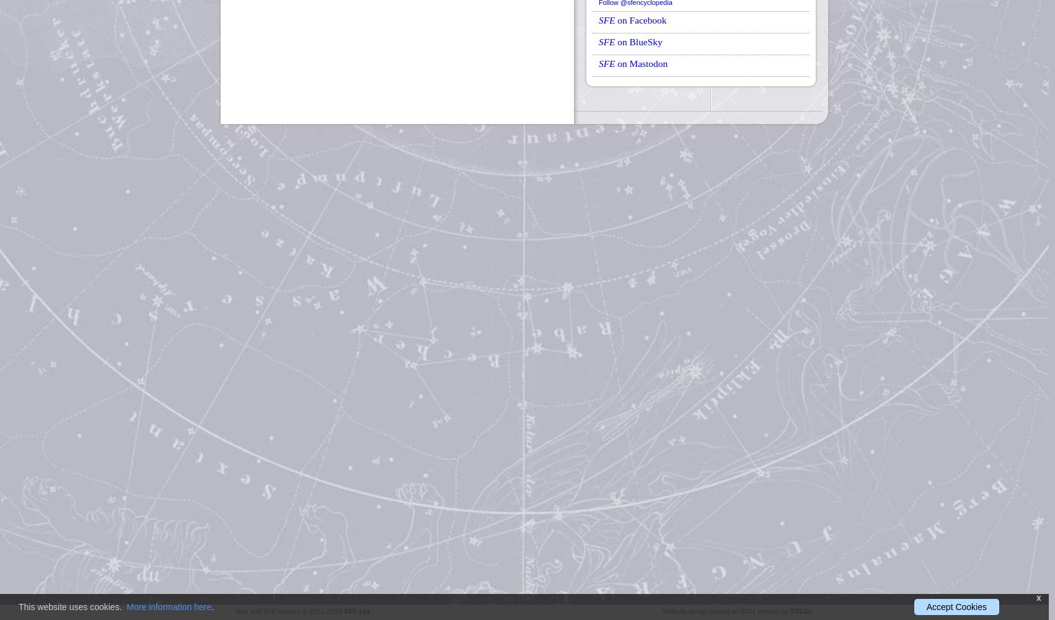 This screenshot has height=620, width=1055. I want to click on 'This website uses cookies.', so click(72, 606).